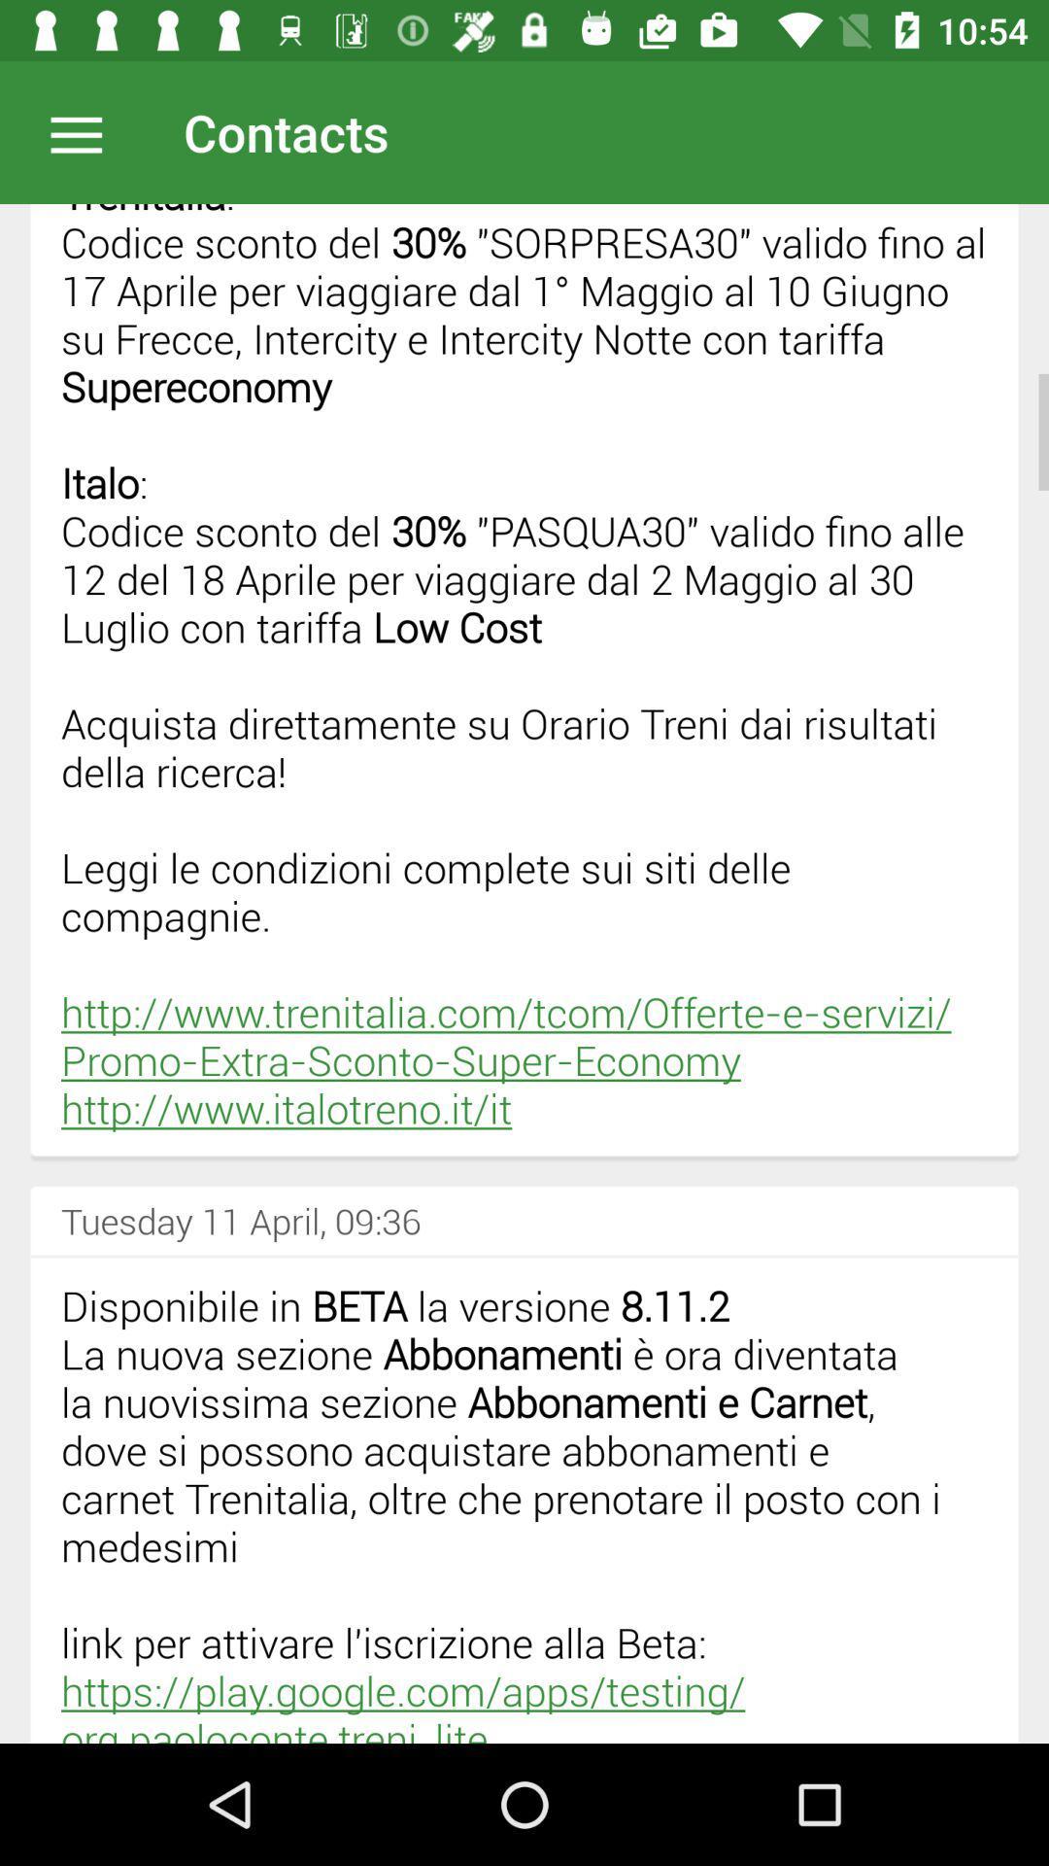  I want to click on open menu, so click(85, 131).